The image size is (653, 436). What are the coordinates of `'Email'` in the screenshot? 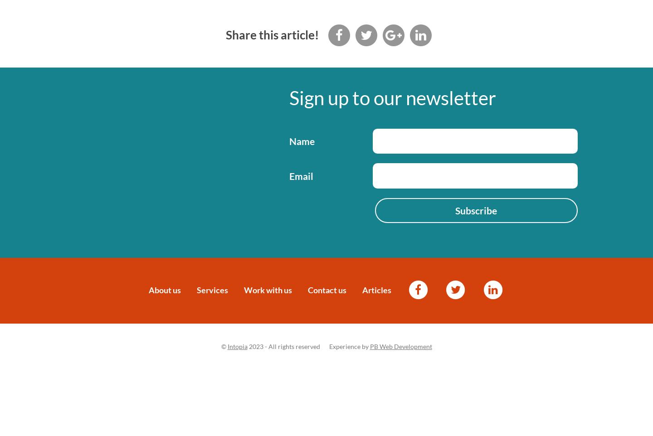 It's located at (301, 175).